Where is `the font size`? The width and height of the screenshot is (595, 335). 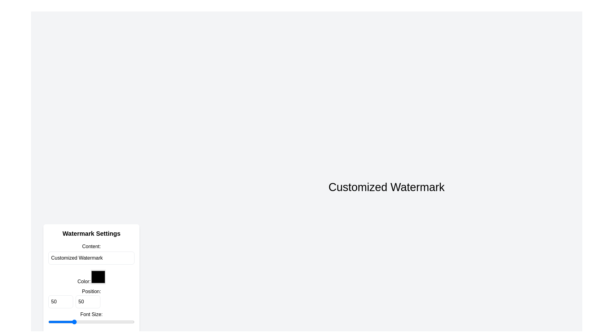
the font size is located at coordinates (77, 321).